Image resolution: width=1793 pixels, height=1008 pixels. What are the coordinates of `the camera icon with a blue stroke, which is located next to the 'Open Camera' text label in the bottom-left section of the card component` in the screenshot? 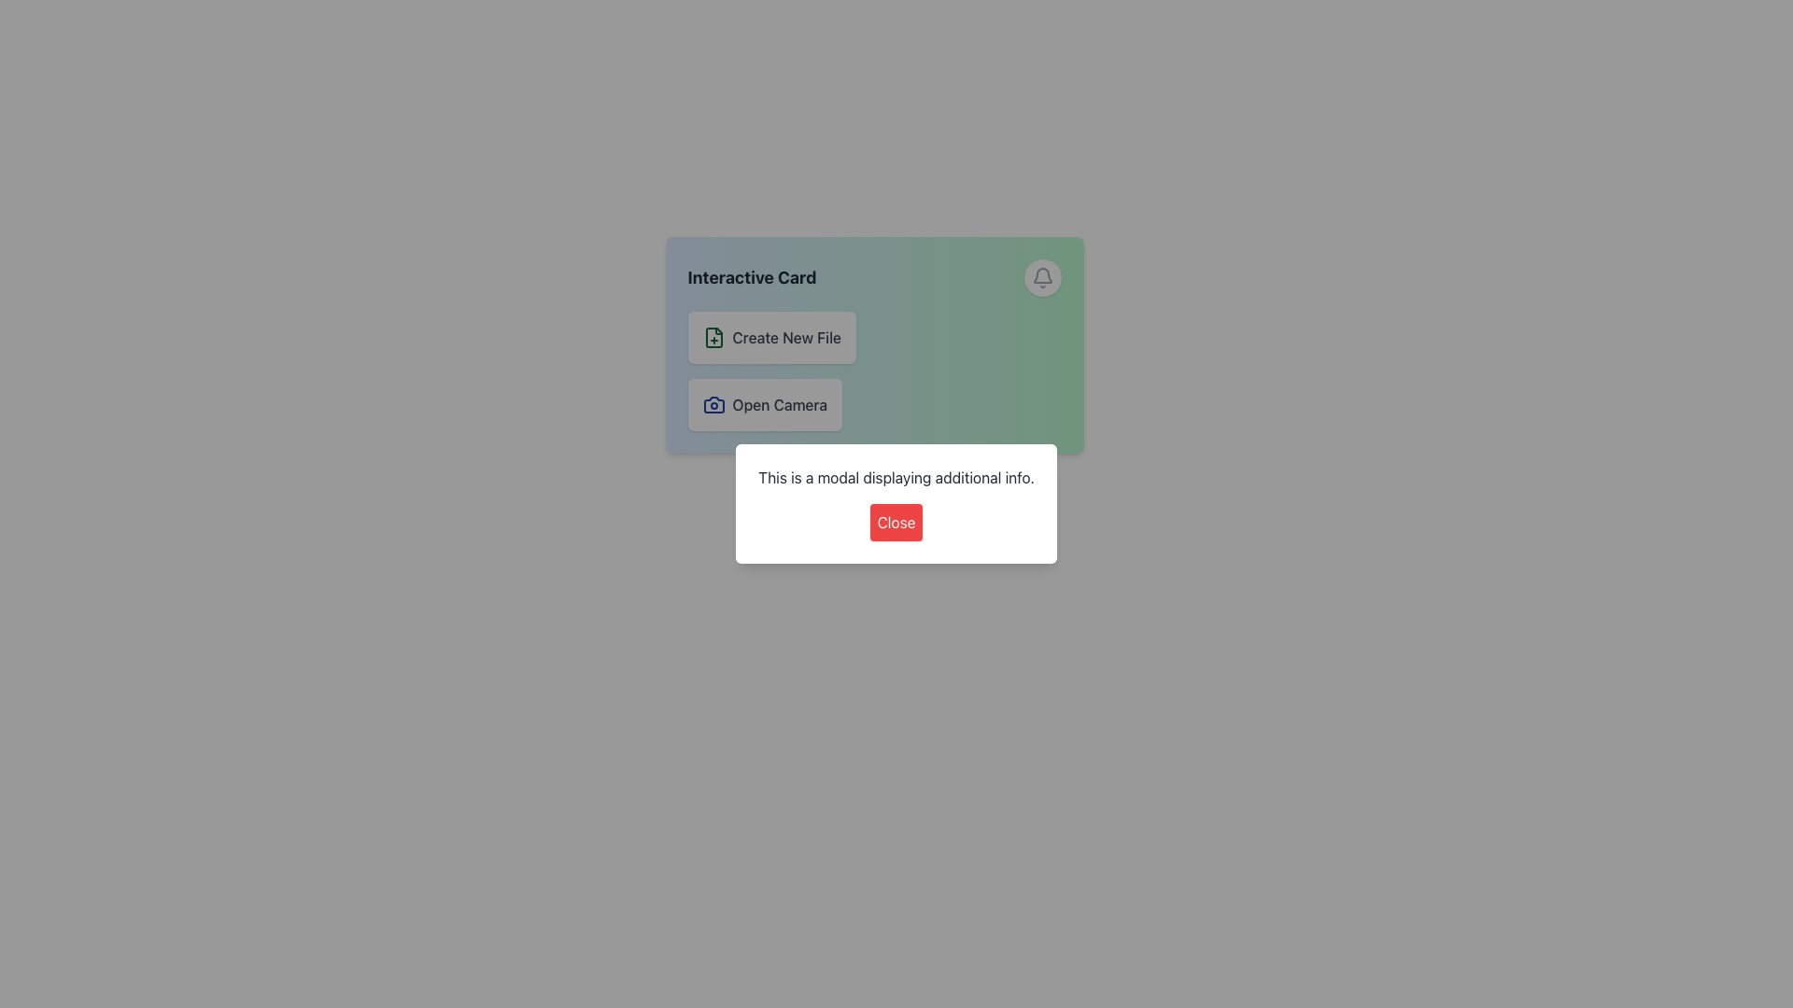 It's located at (713, 404).